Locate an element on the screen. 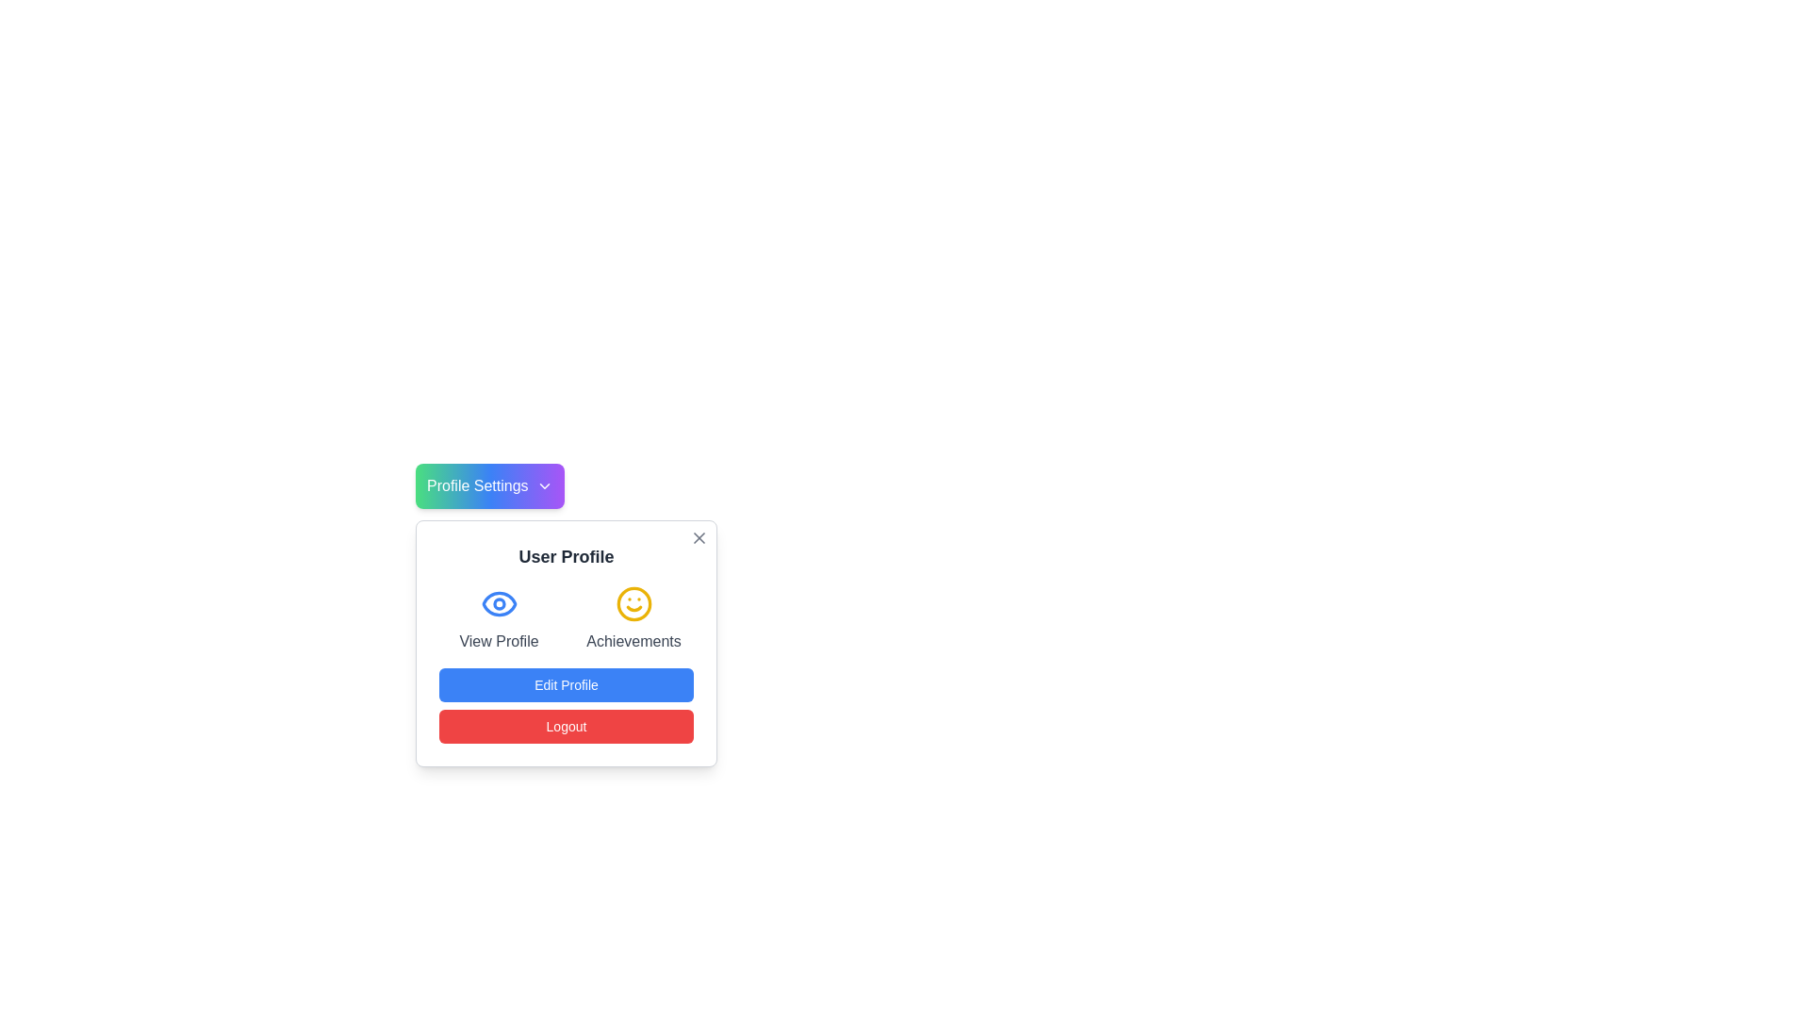 The width and height of the screenshot is (1810, 1018). the blue eye-shaped icon in the 'View Profile' section of the User Profile modal, which is positioned above the text 'View Profile' is located at coordinates (499, 603).